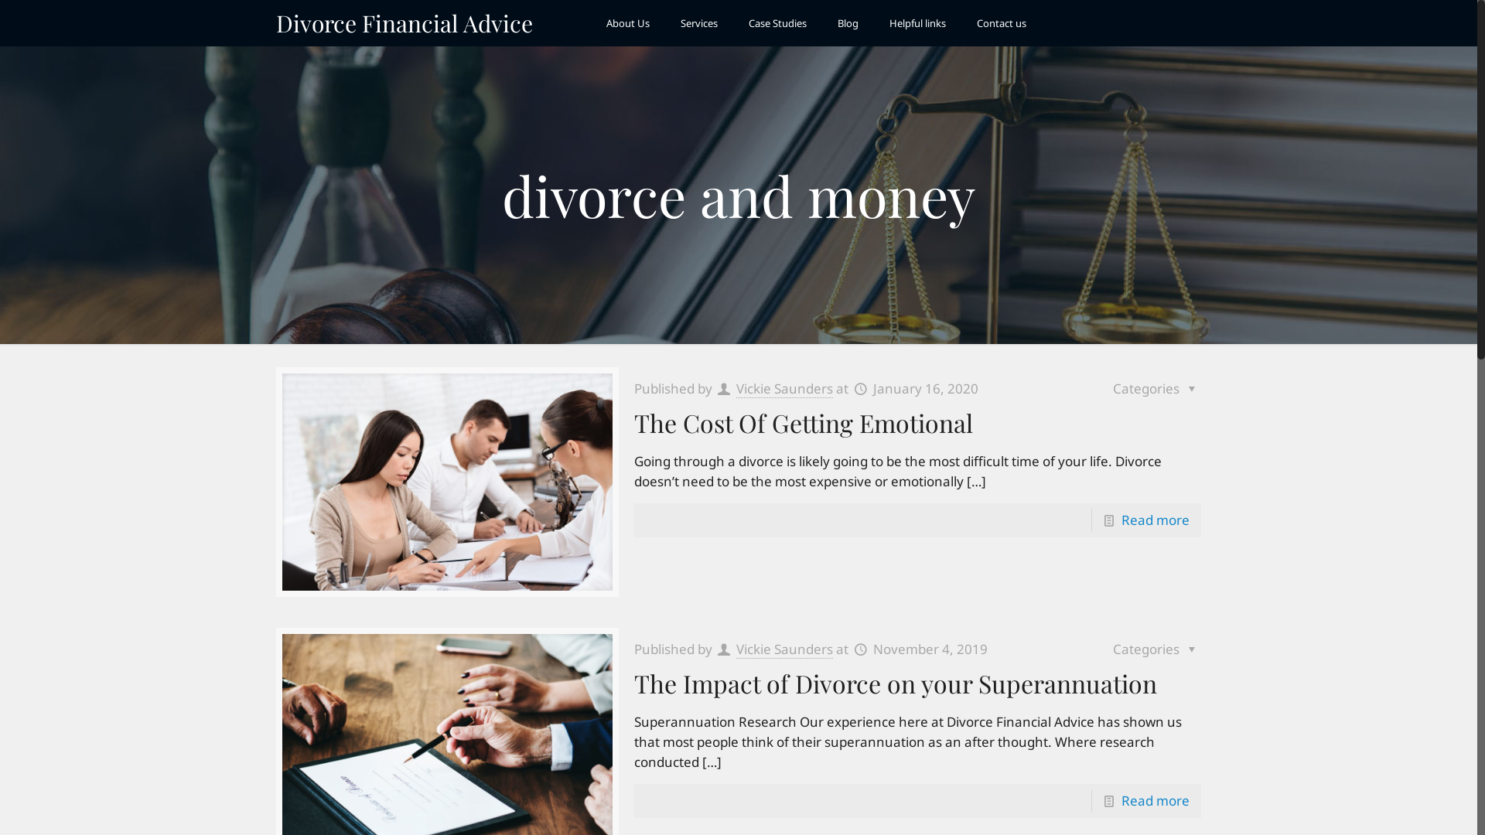  I want to click on 'Helpful links', so click(917, 23).